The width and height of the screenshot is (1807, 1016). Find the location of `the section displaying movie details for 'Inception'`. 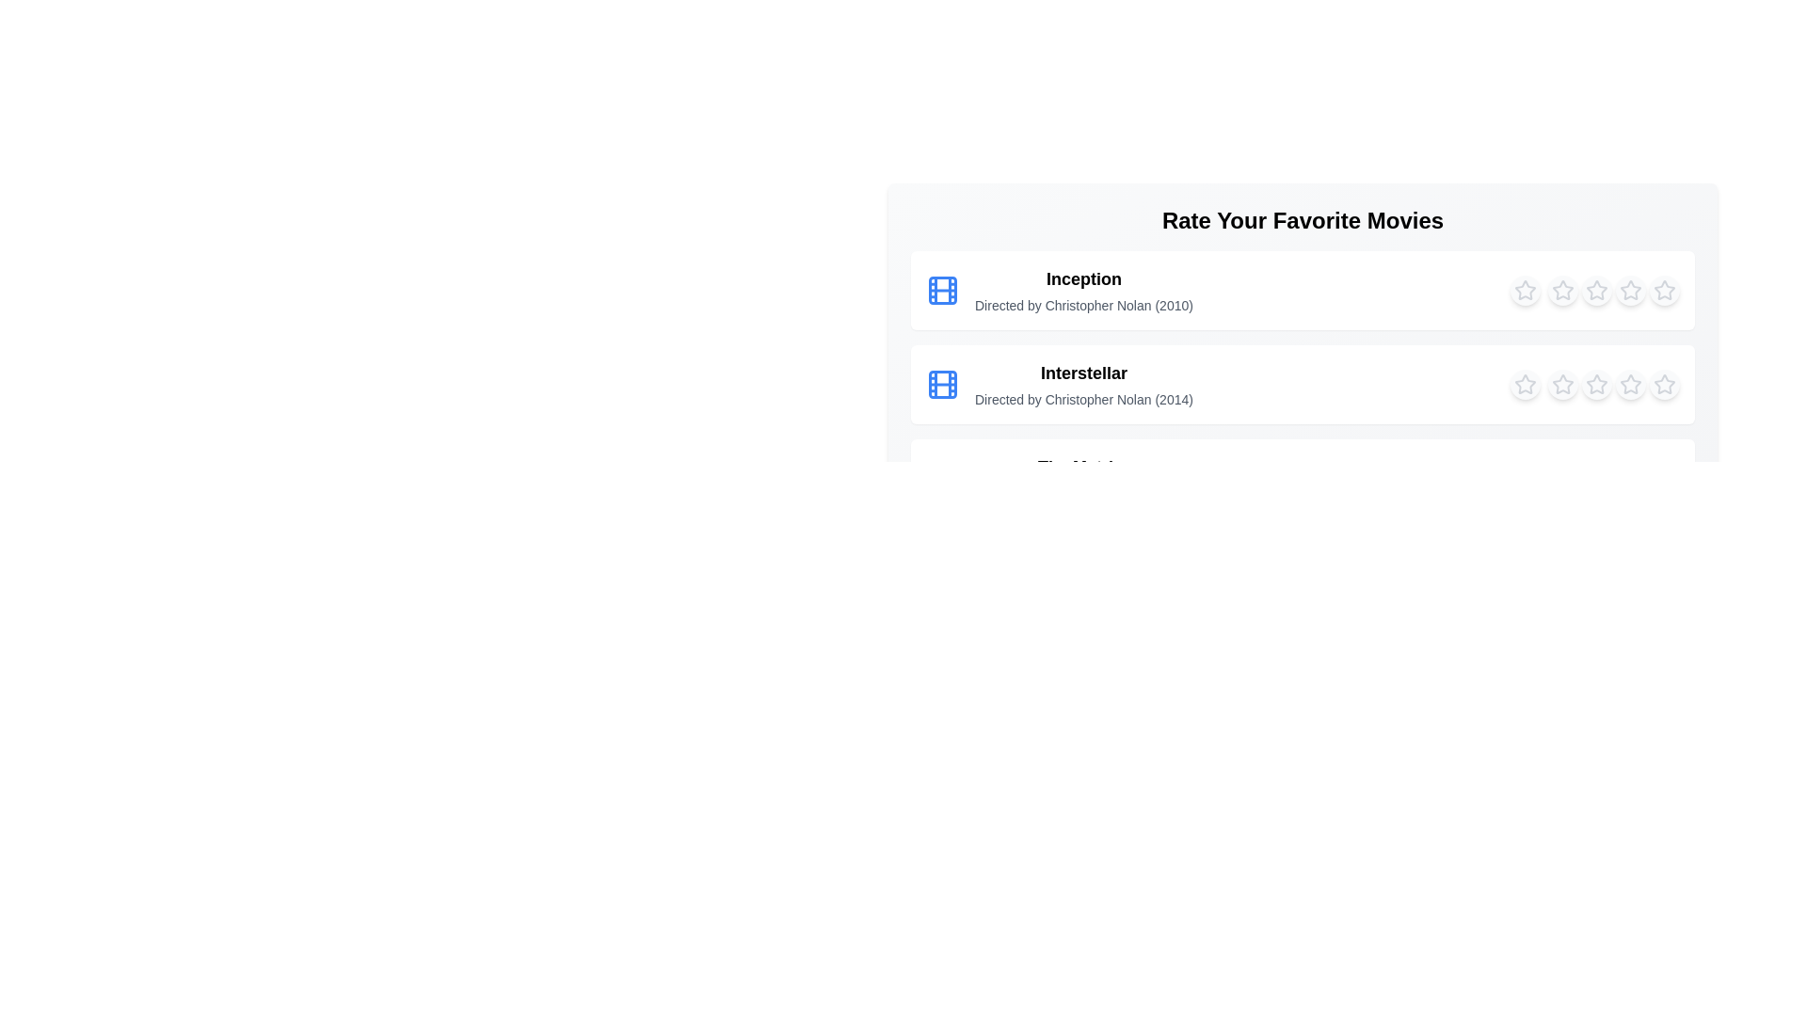

the section displaying movie details for 'Inception' is located at coordinates (1084, 279).